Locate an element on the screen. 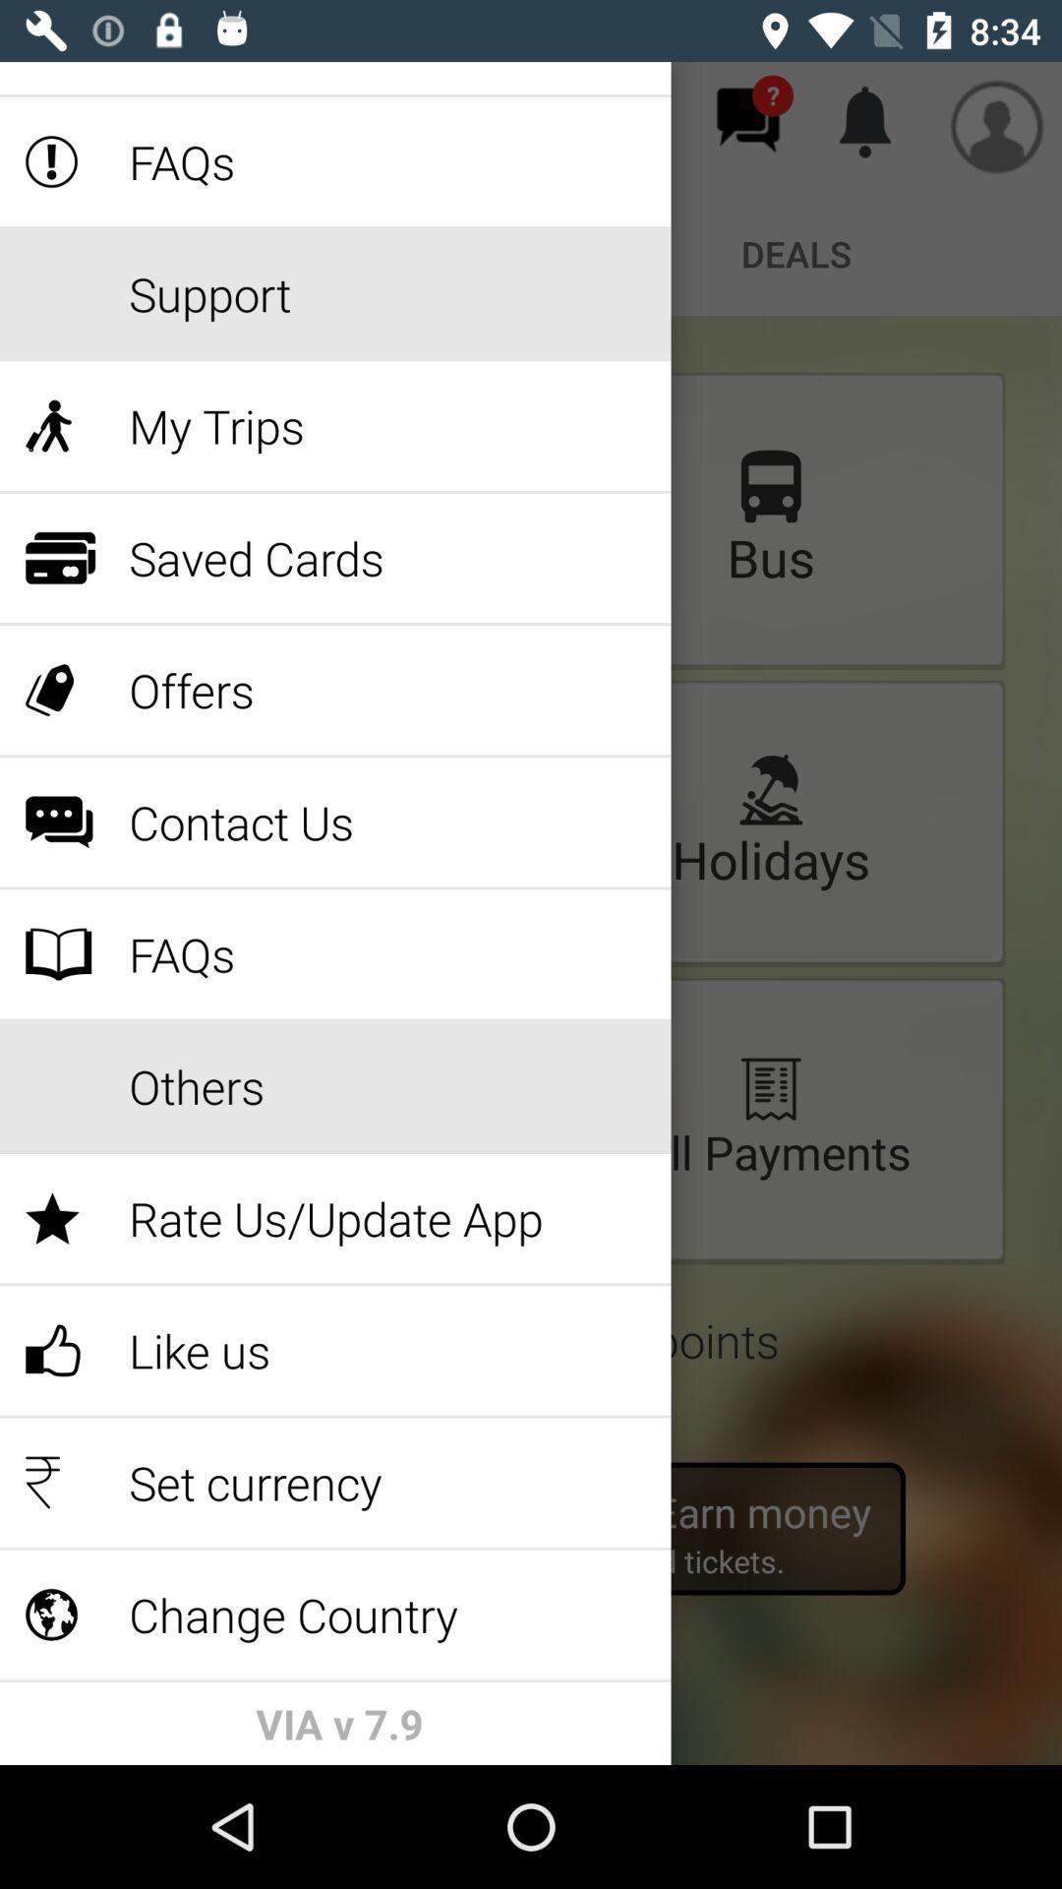  the chat icon is located at coordinates (747, 119).